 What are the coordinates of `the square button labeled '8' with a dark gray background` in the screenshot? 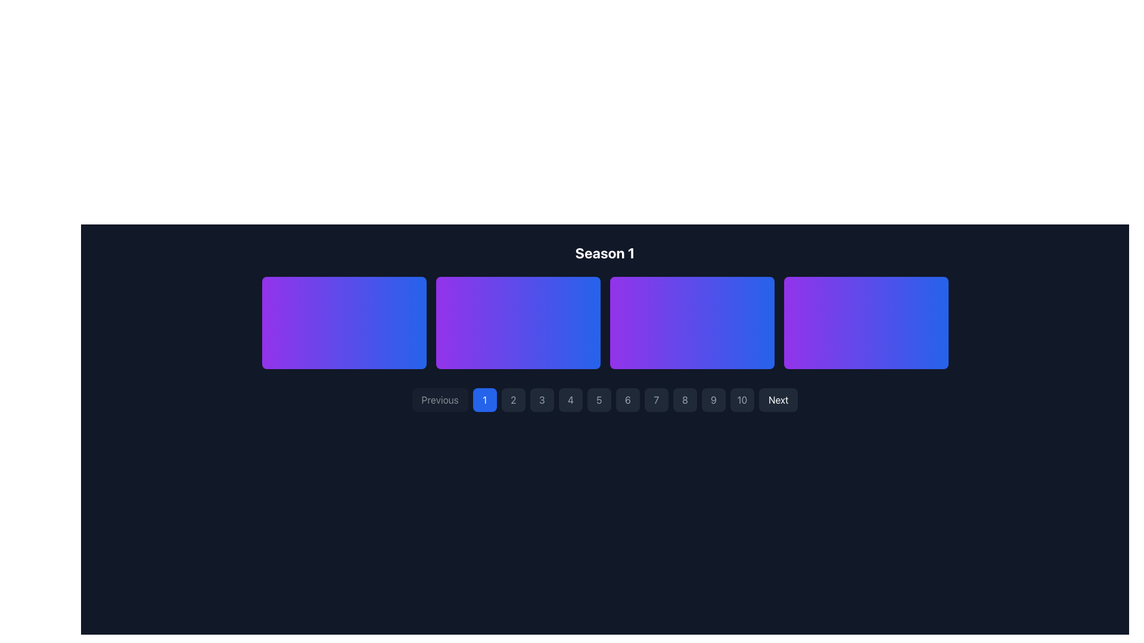 It's located at (685, 400).